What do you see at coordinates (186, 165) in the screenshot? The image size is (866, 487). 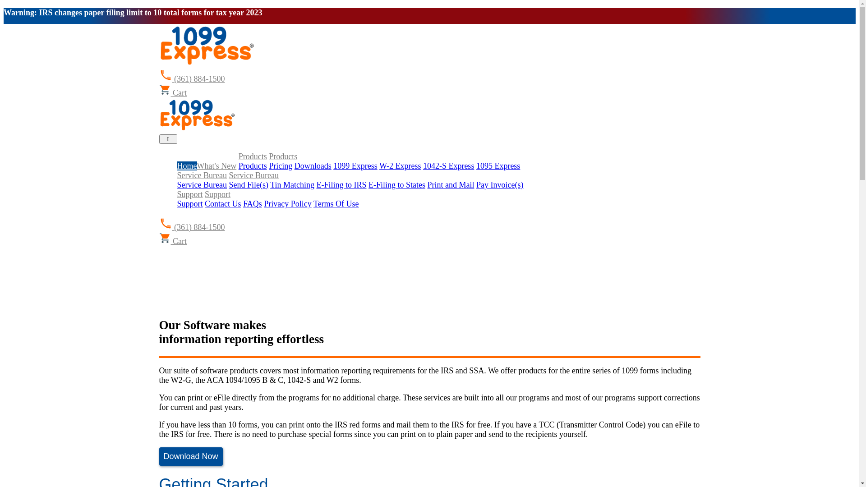 I see `'Home` at bounding box center [186, 165].